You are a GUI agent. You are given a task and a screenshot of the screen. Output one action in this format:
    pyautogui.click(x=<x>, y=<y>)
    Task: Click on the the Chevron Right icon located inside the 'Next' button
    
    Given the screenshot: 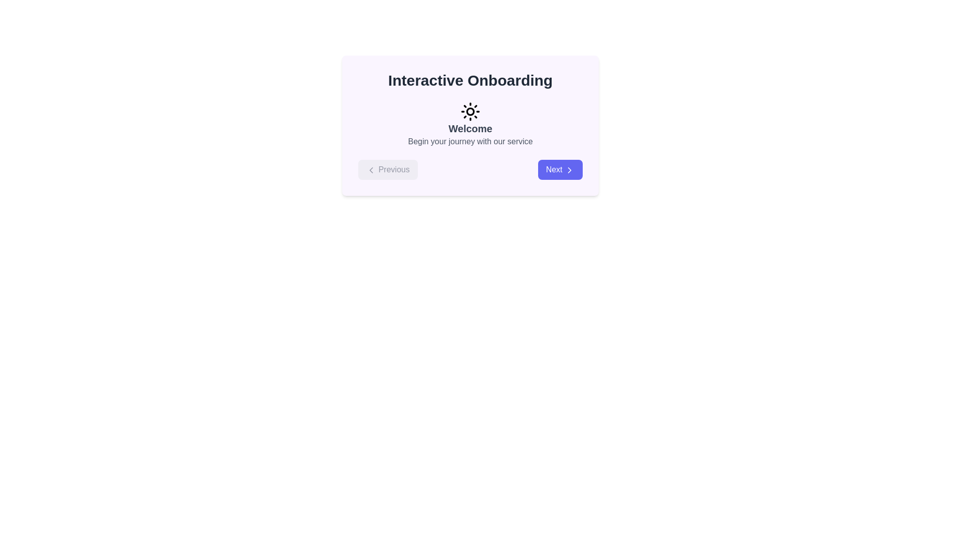 What is the action you would take?
    pyautogui.click(x=570, y=169)
    